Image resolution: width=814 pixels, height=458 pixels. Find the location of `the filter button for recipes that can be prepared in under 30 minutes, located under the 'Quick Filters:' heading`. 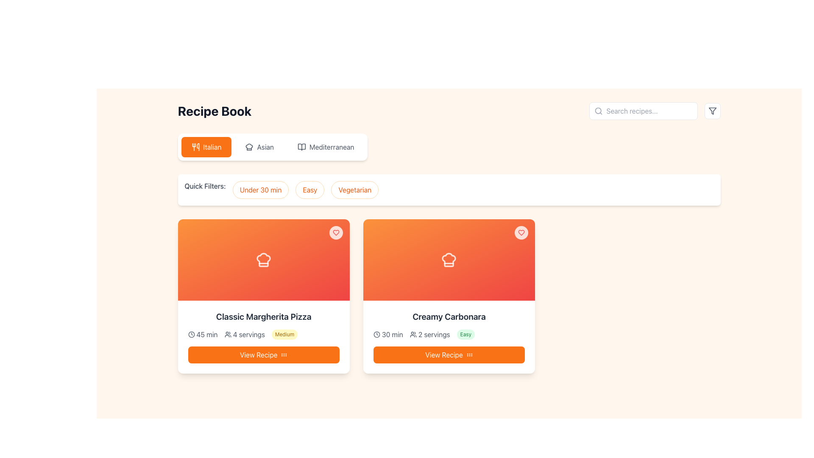

the filter button for recipes that can be prepared in under 30 minutes, located under the 'Quick Filters:' heading is located at coordinates (260, 189).